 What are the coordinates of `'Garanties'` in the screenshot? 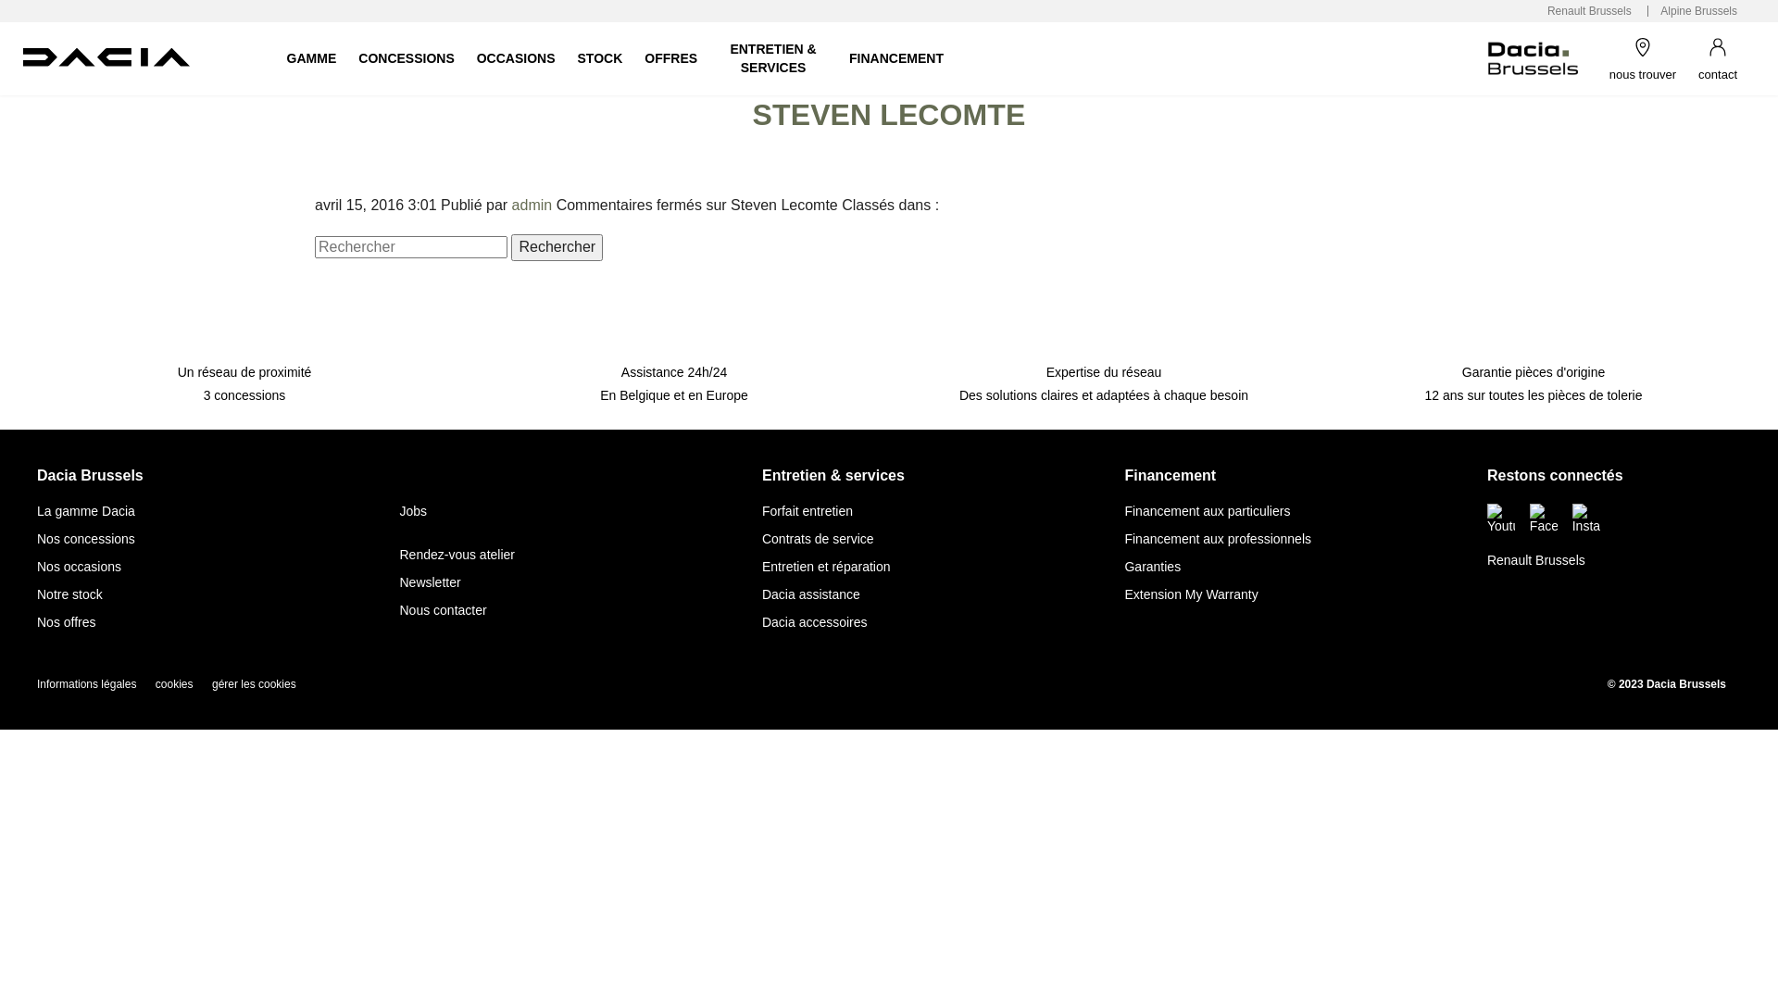 It's located at (1123, 566).